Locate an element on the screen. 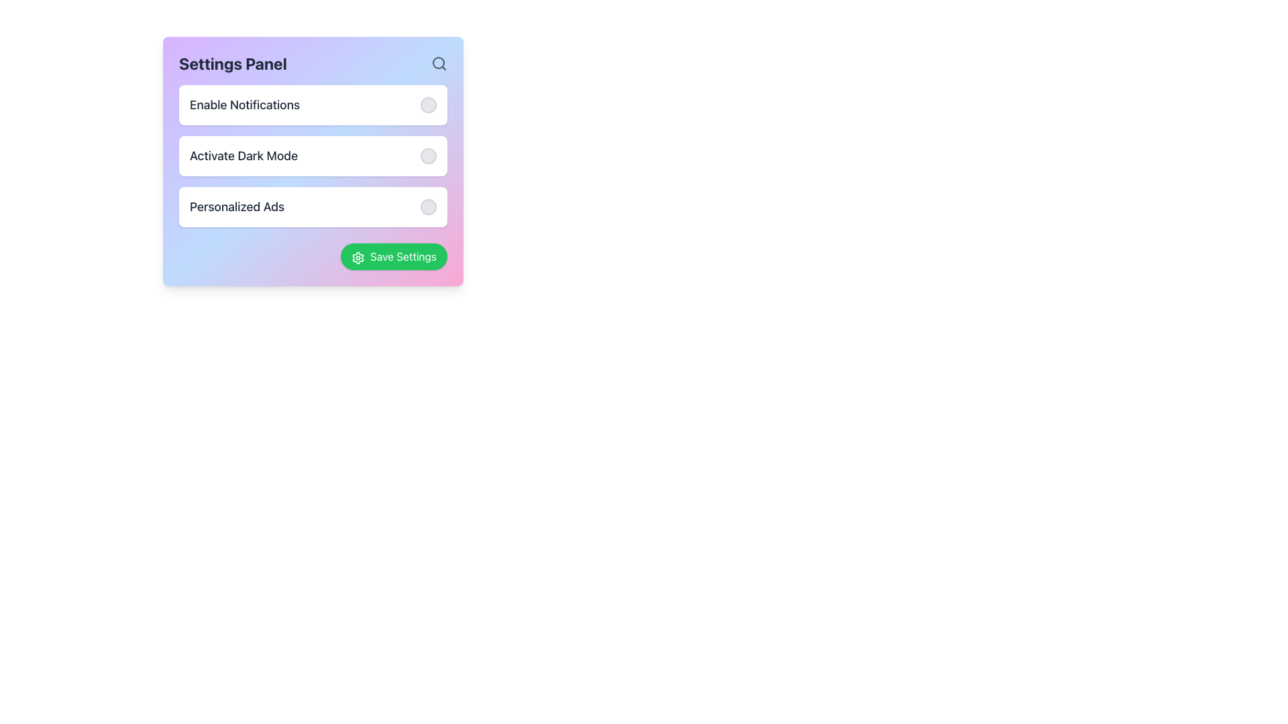 The height and width of the screenshot is (724, 1288). the radio button associated with 'Personalized Ads' is located at coordinates (427, 206).